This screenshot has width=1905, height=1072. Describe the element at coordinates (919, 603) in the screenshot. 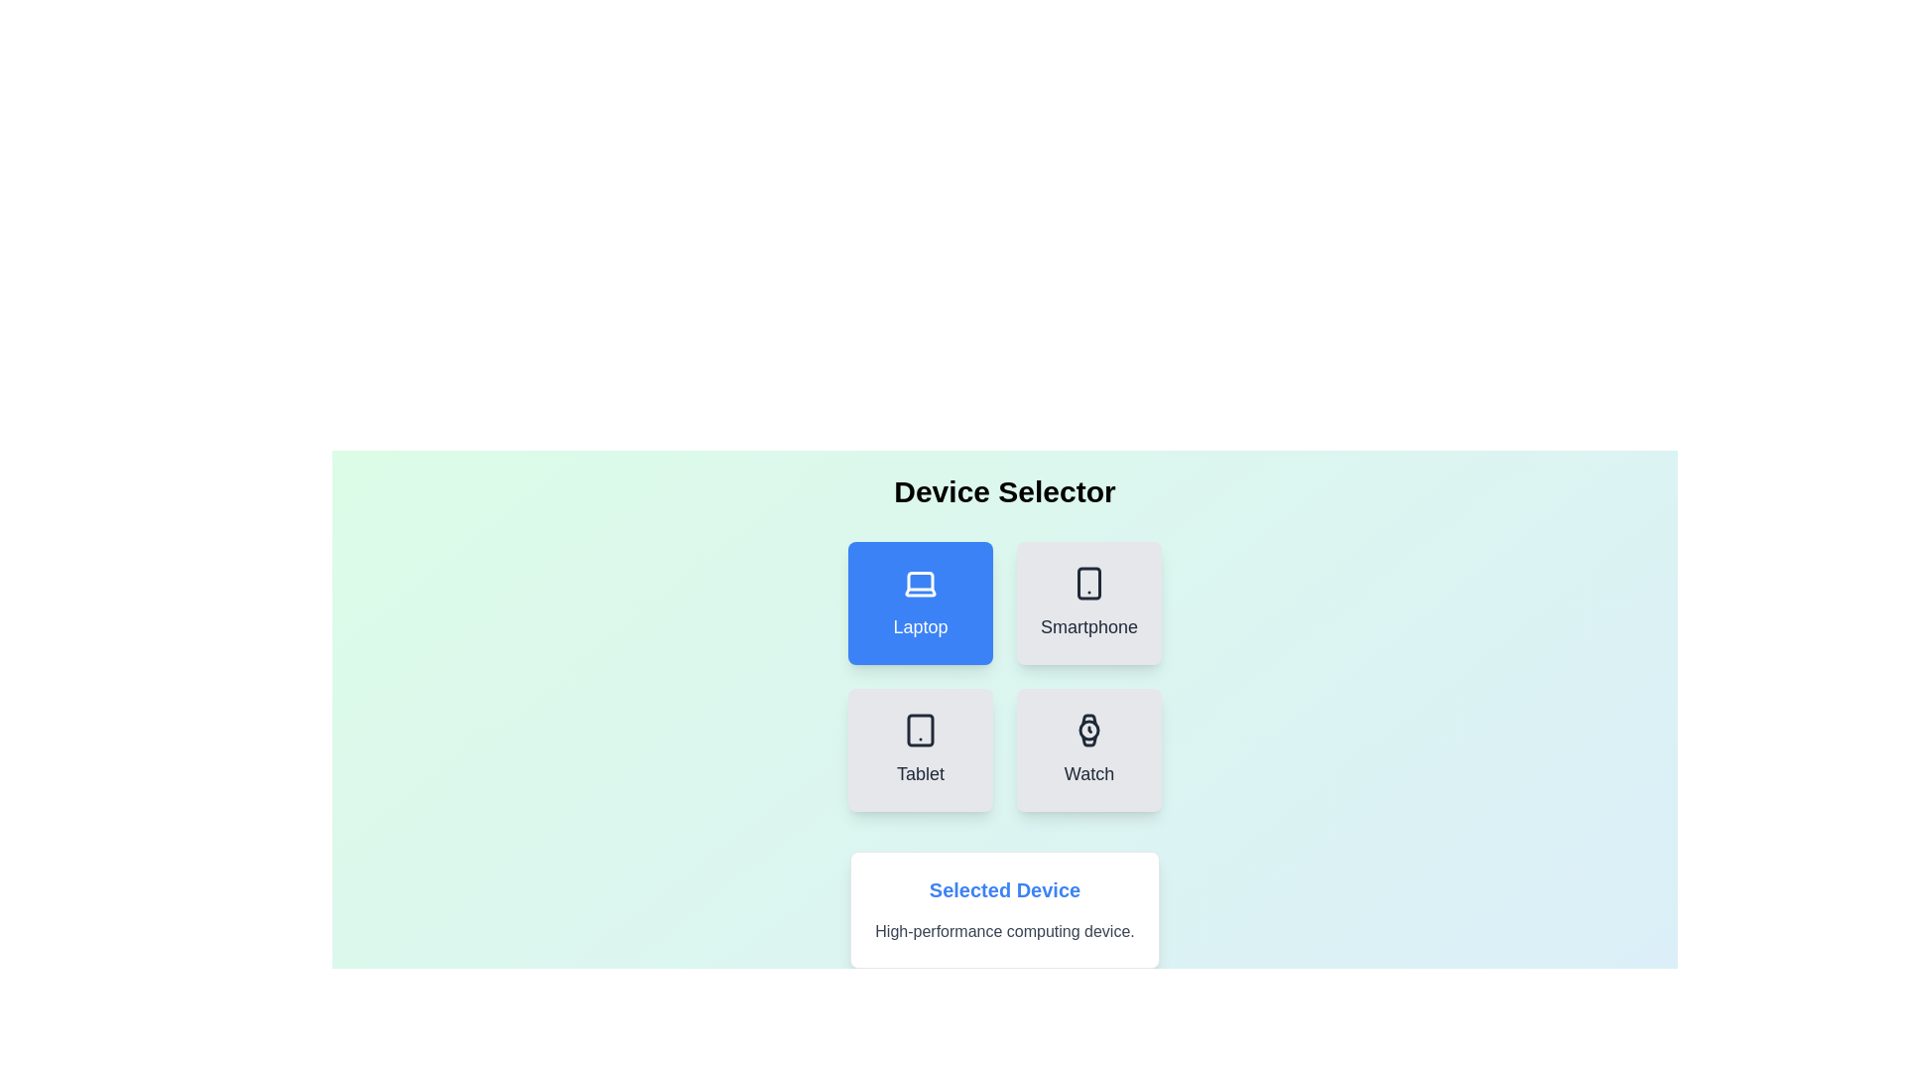

I see `the Laptop button to select the corresponding device` at that location.